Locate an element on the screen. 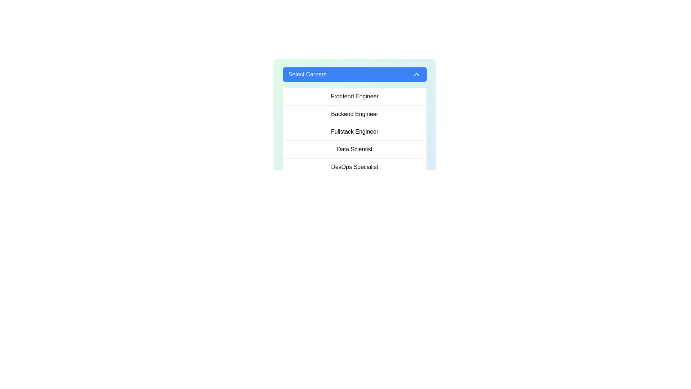  the state change of the dropdown indicator icon located to the right of the 'Select Careers' button is located at coordinates (416, 75).